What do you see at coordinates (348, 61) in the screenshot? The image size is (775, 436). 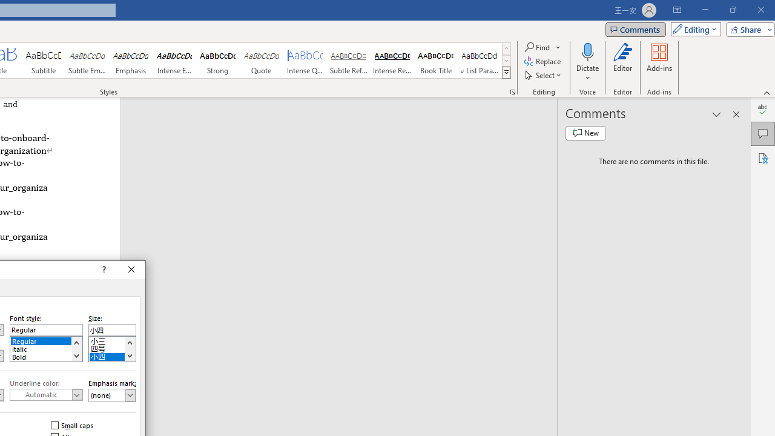 I see `'Subtle Reference'` at bounding box center [348, 61].